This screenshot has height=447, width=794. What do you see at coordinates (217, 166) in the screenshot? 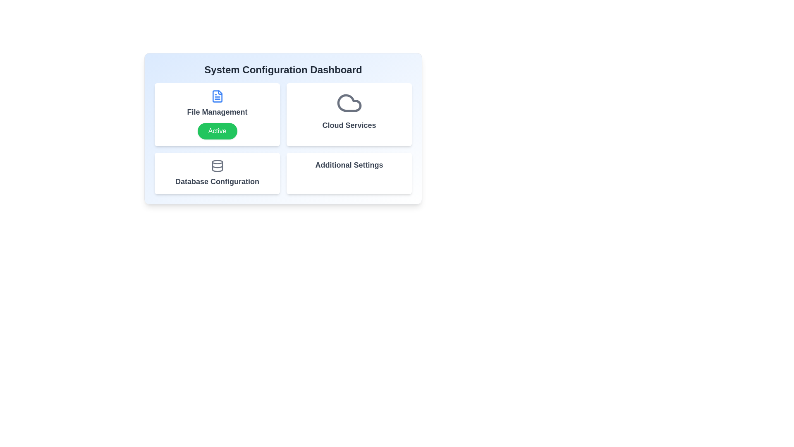
I see `the database icon, which is a cylindrical shape segmented into three layers, located at the top-center of the 'Database Configuration' card` at bounding box center [217, 166].